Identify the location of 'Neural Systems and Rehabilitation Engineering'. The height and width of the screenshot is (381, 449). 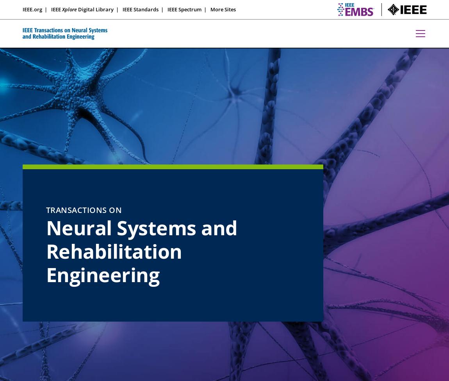
(141, 251).